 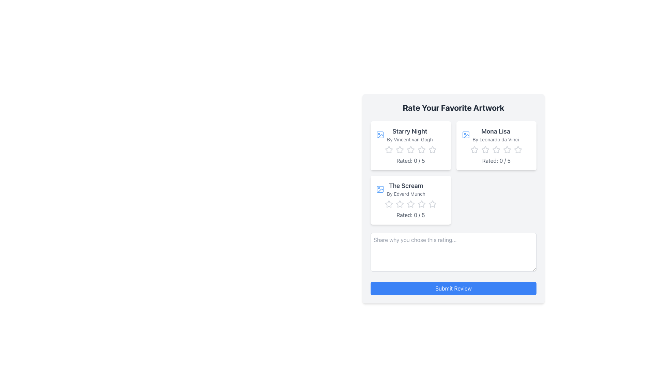 I want to click on the icon representing the artwork associated with the 'Starry Night' text, located to the immediate left of the title text, so click(x=380, y=135).